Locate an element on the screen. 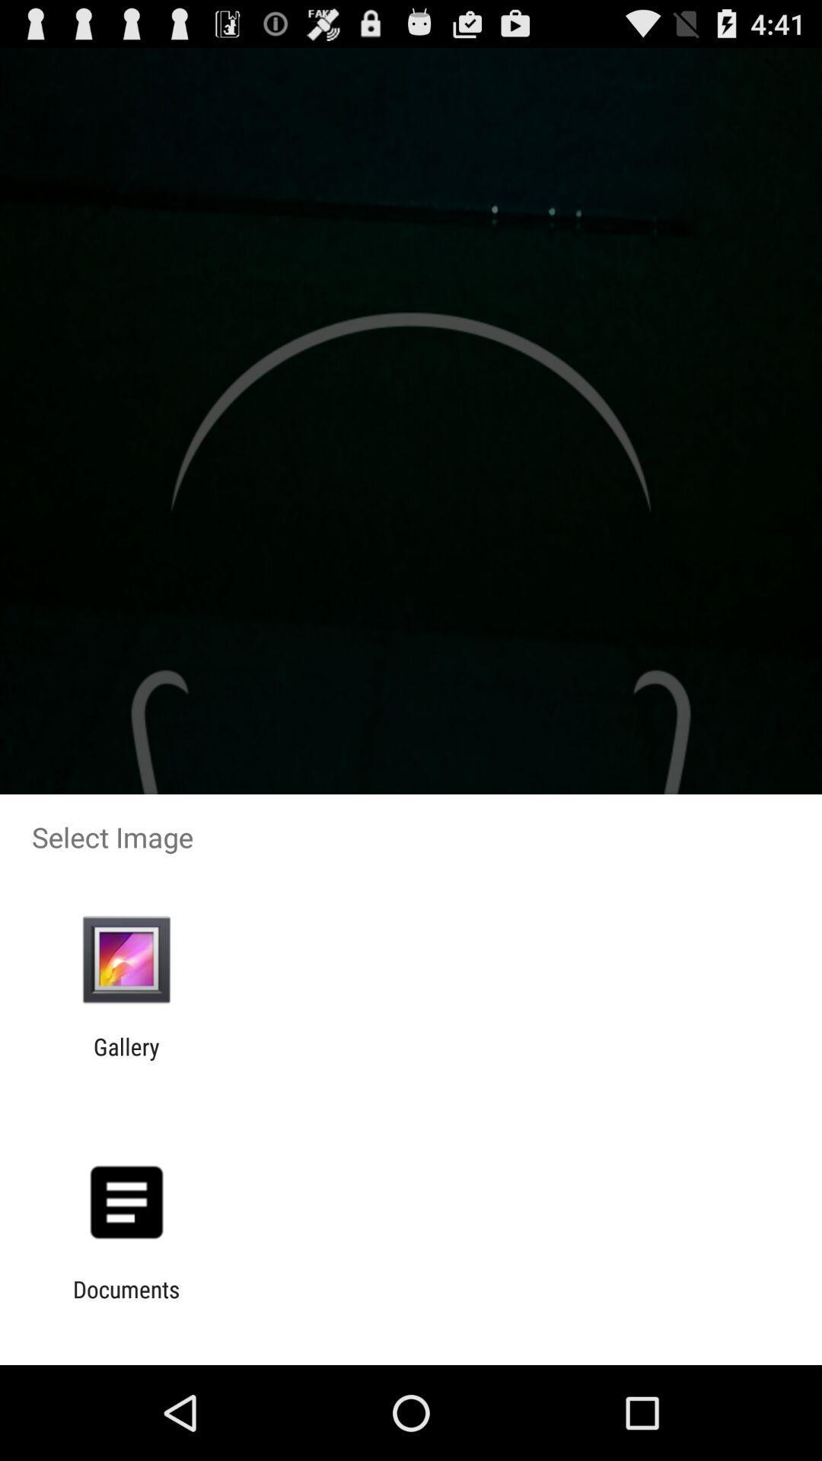 This screenshot has height=1461, width=822. gallery icon is located at coordinates (126, 1059).